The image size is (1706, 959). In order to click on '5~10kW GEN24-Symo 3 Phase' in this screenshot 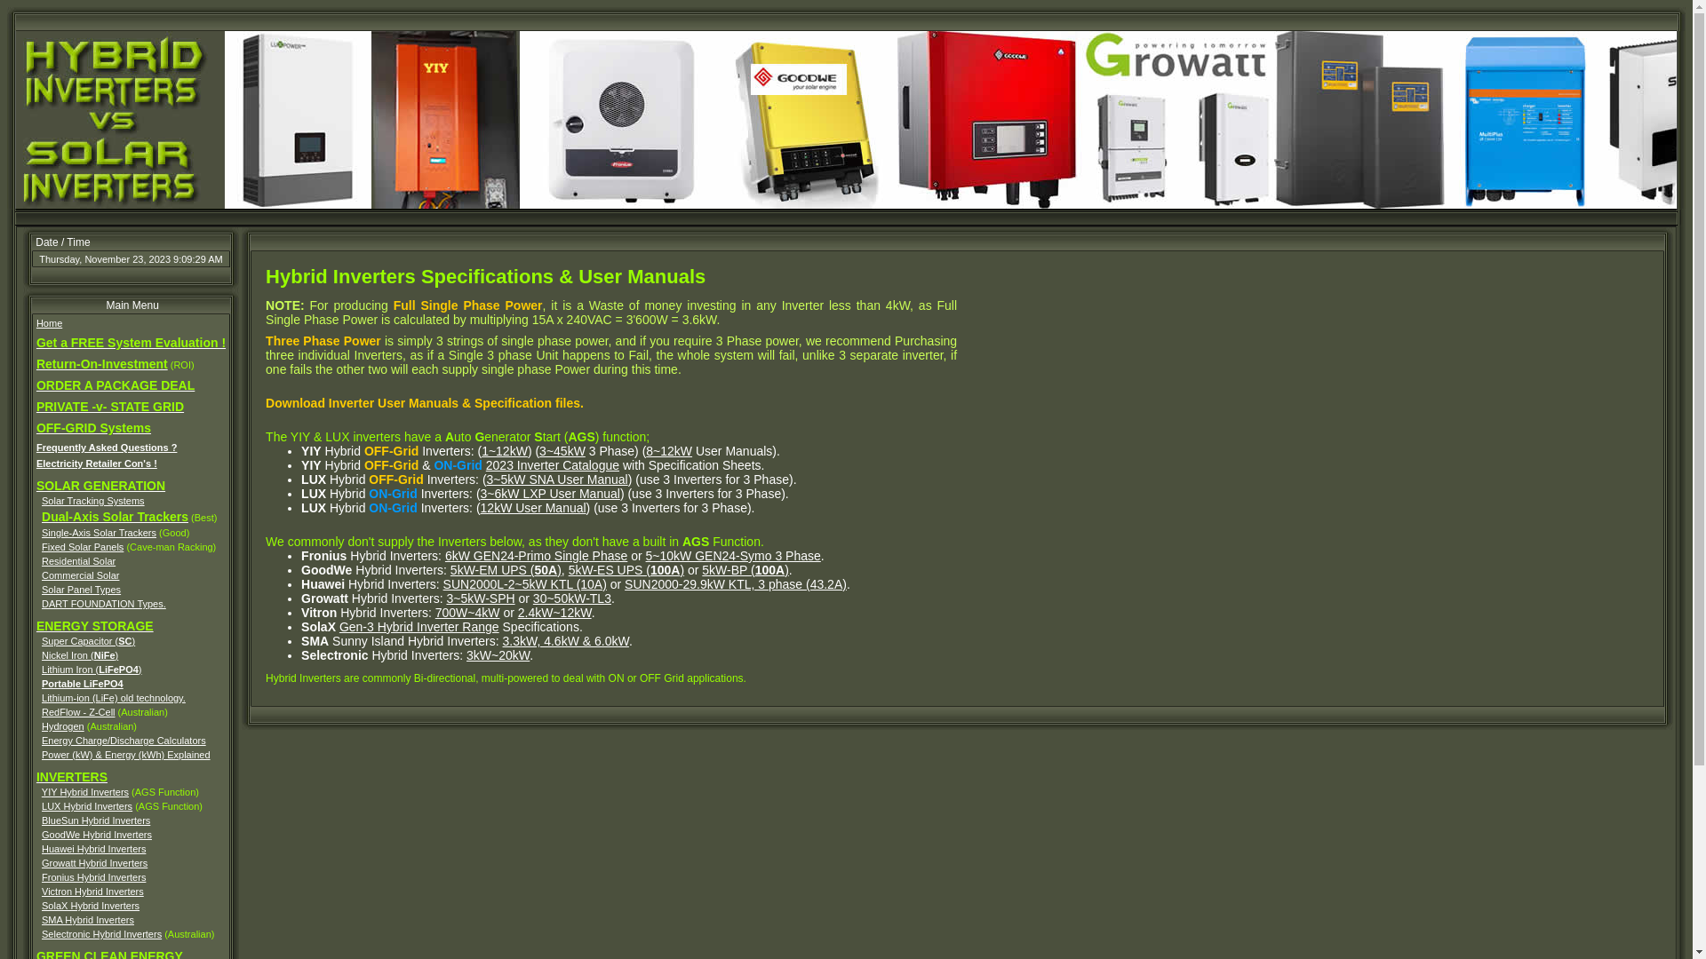, I will do `click(733, 554)`.